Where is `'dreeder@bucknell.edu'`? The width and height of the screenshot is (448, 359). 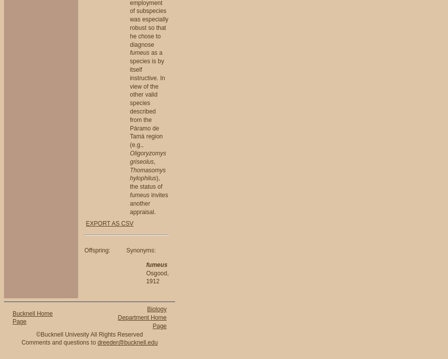
'dreeder@bucknell.edu' is located at coordinates (126, 342).